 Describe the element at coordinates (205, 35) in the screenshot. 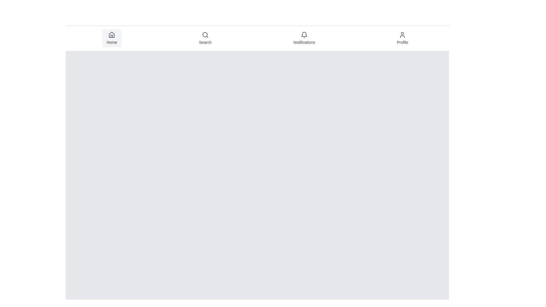

I see `the decorative circle within the magnifying glass icon in the navigation bar, which represents the search functionality` at that location.